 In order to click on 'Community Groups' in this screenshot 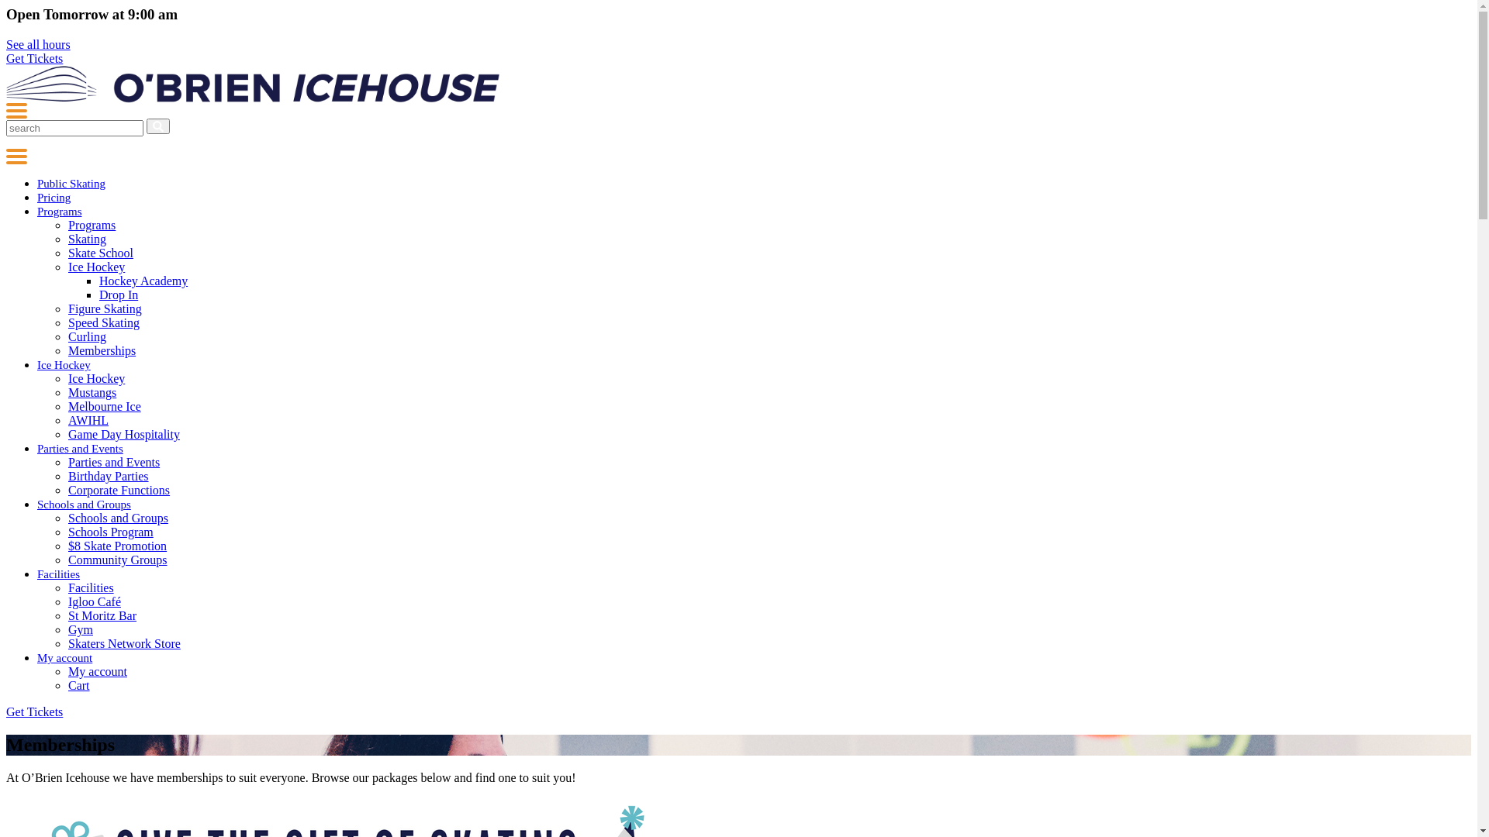, I will do `click(67, 560)`.